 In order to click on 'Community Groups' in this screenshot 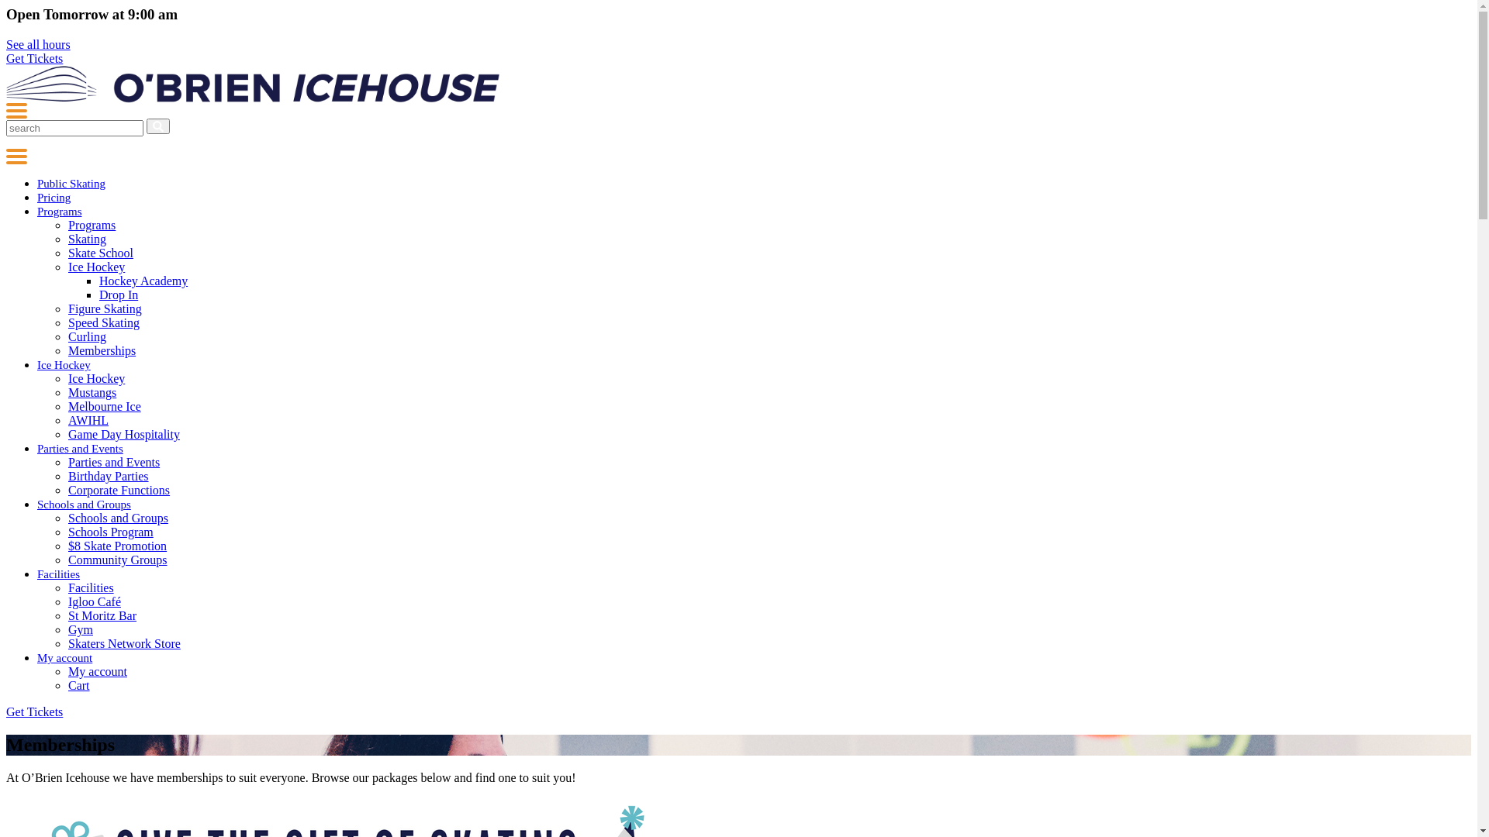, I will do `click(67, 560)`.